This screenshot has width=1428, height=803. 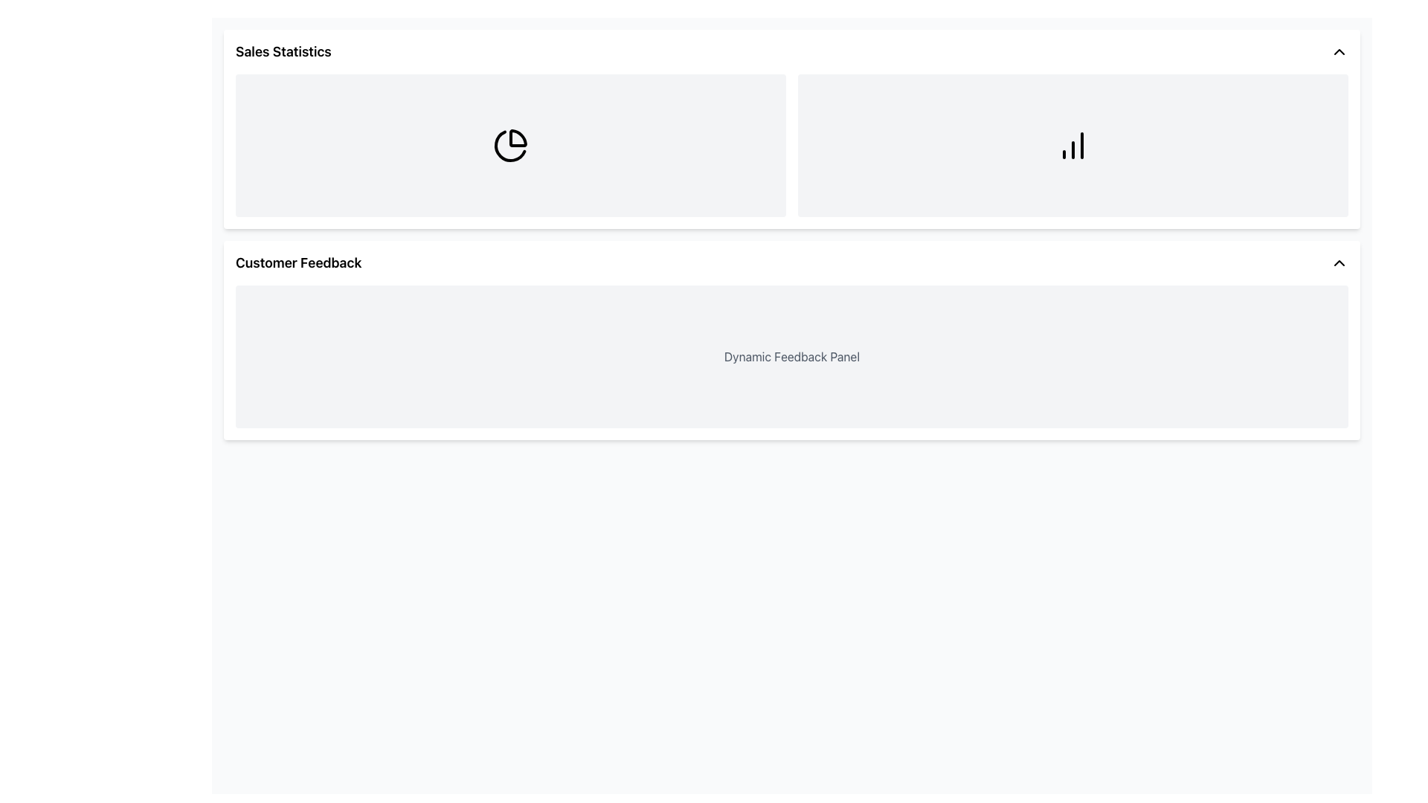 What do you see at coordinates (1339, 262) in the screenshot?
I see `the upward-pointing chevron icon on the right end of the 'Customer Feedback' header` at bounding box center [1339, 262].